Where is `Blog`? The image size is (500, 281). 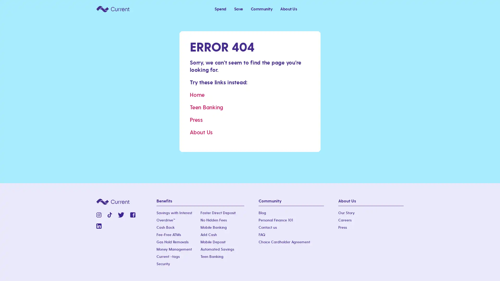 Blog is located at coordinates (262, 213).